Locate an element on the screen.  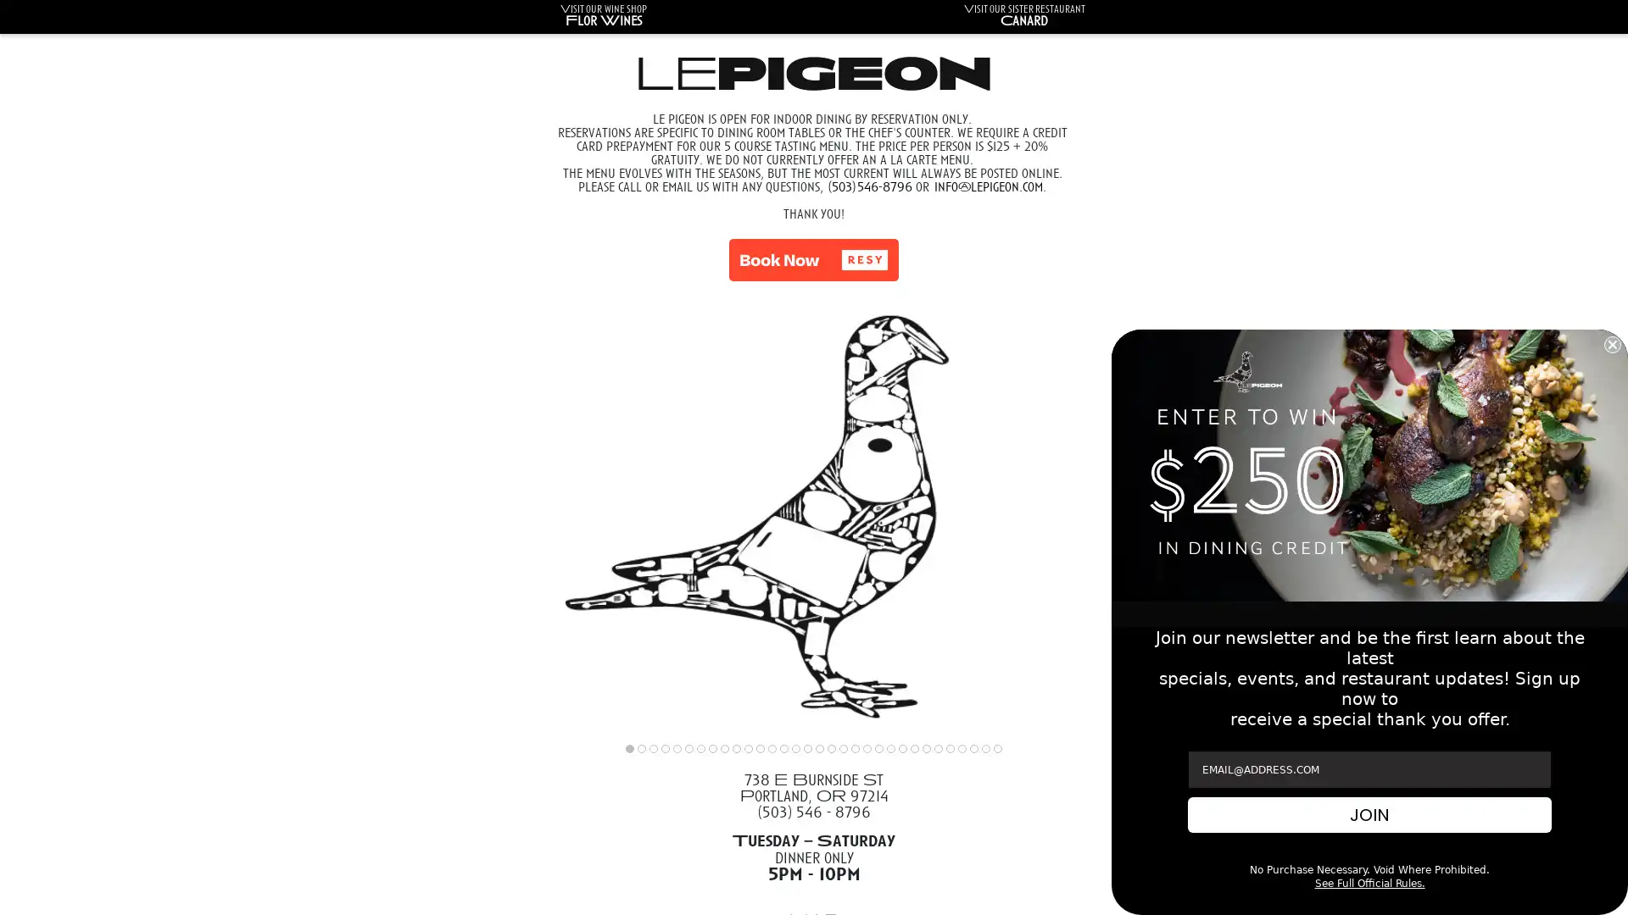
Close form is located at coordinates (1611, 343).